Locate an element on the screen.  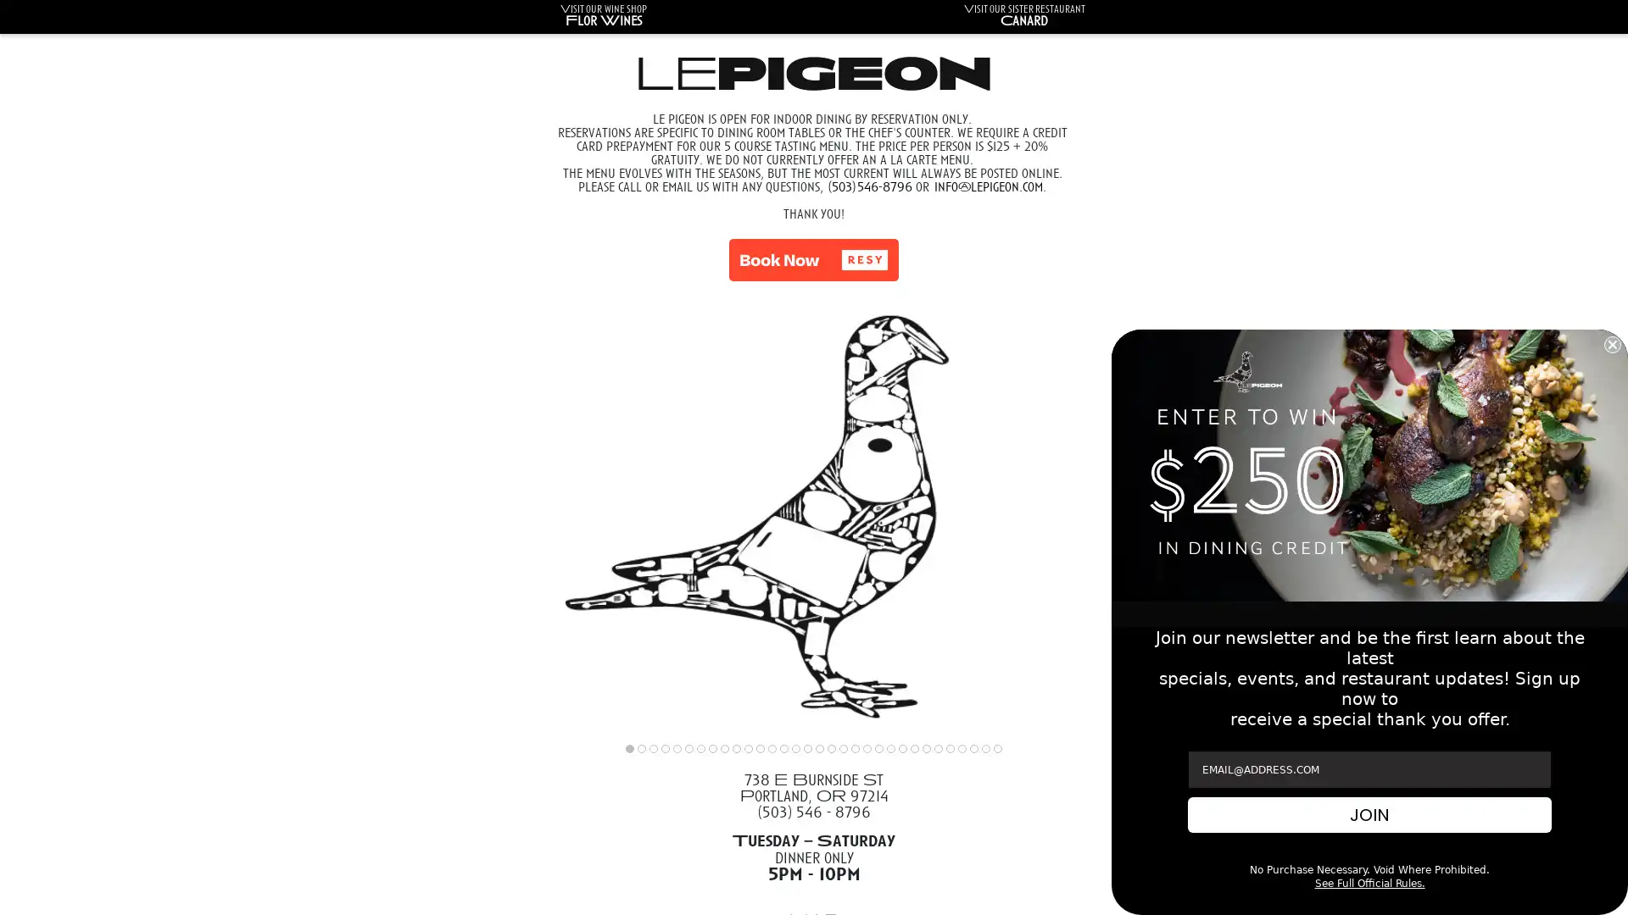
Close form is located at coordinates (1611, 343).